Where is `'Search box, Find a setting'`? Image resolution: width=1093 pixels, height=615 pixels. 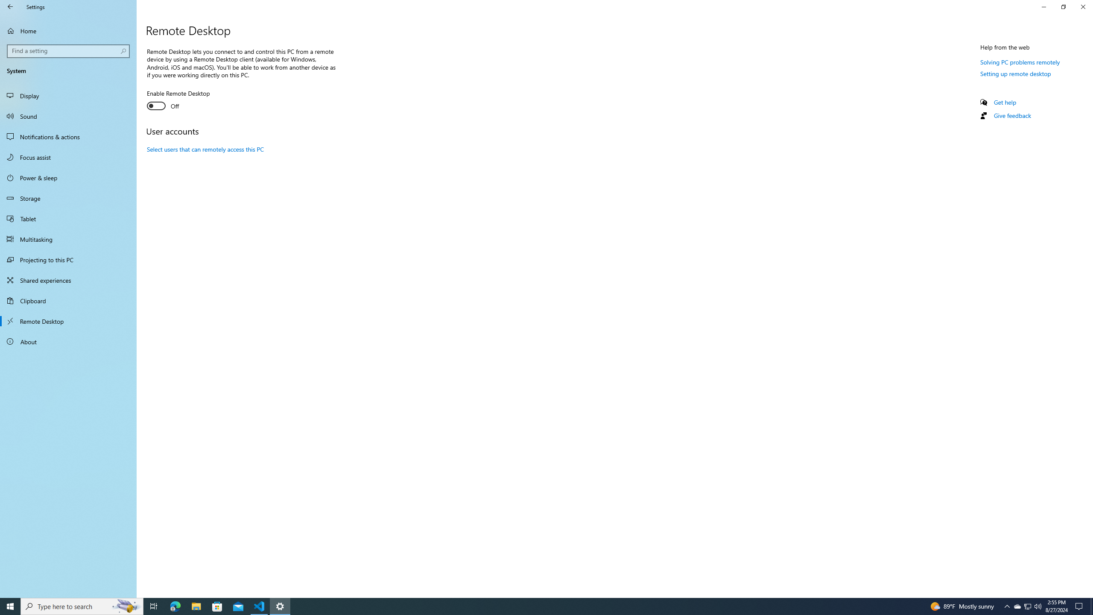 'Search box, Find a setting' is located at coordinates (68, 50).